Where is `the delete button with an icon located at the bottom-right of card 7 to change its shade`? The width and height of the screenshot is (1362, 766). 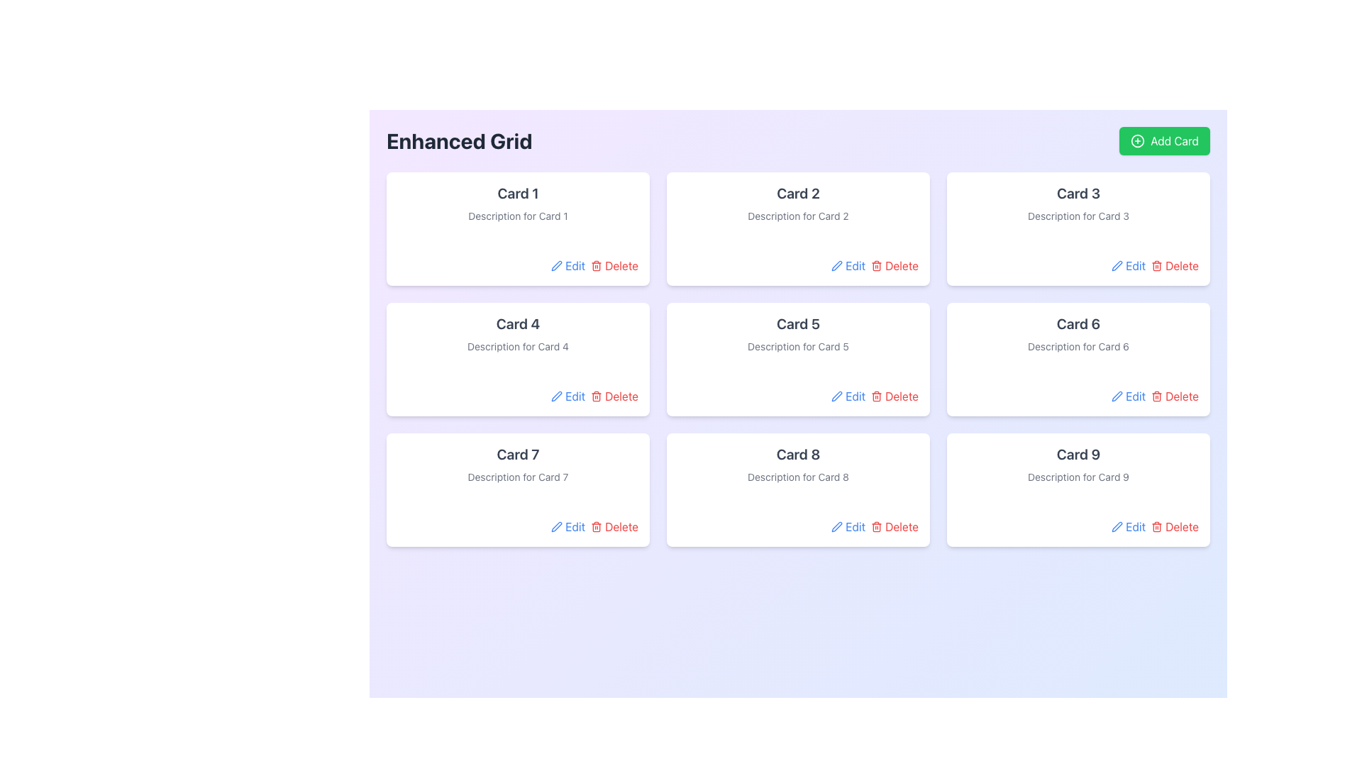 the delete button with an icon located at the bottom-right of card 7 to change its shade is located at coordinates (614, 527).